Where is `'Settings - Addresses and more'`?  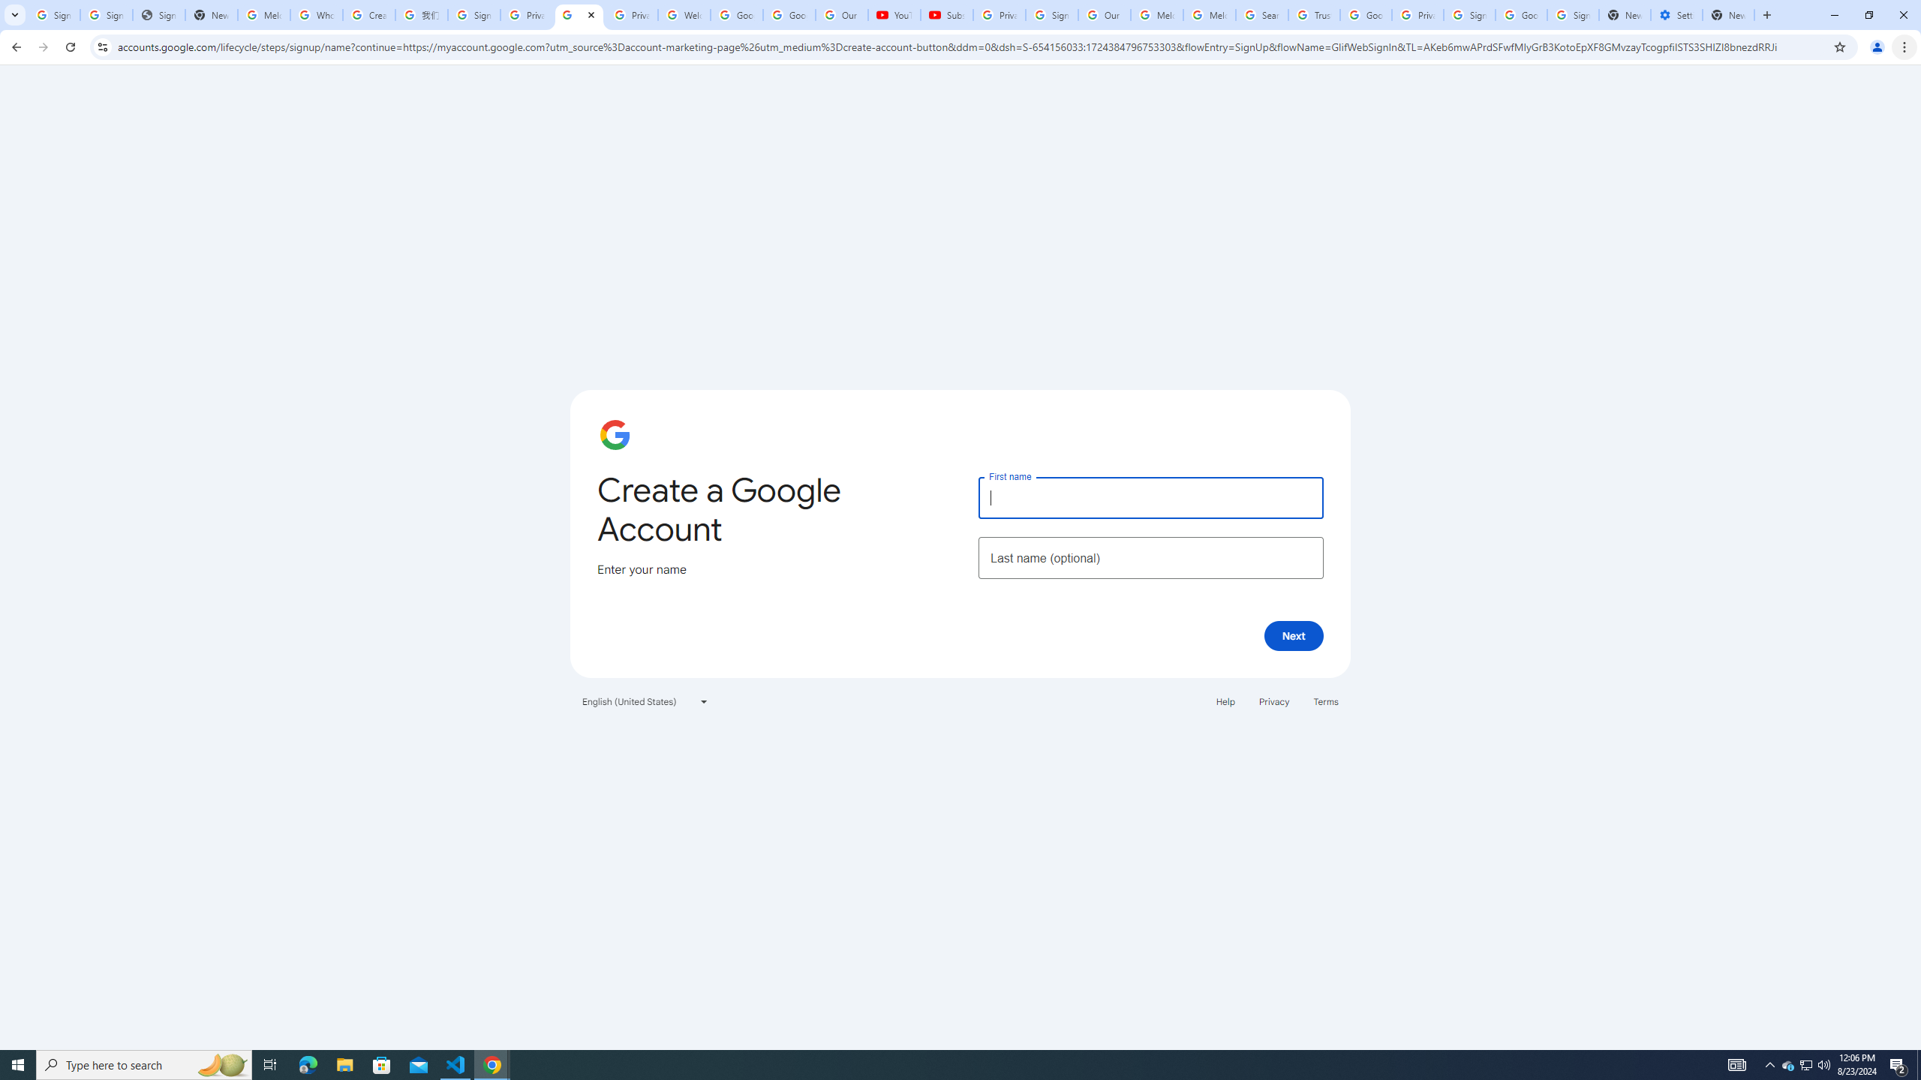
'Settings - Addresses and more' is located at coordinates (1676, 14).